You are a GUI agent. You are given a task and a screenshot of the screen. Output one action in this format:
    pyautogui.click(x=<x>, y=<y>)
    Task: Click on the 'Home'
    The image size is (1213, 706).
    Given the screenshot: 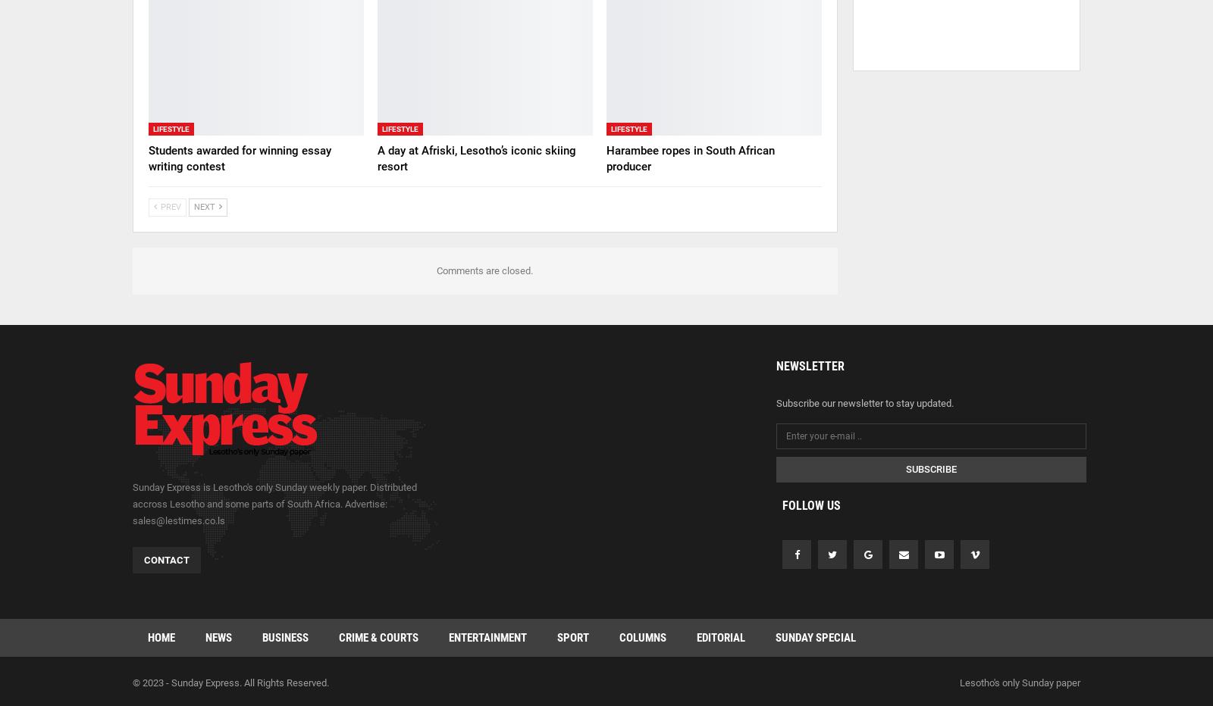 What is the action you would take?
    pyautogui.click(x=161, y=636)
    